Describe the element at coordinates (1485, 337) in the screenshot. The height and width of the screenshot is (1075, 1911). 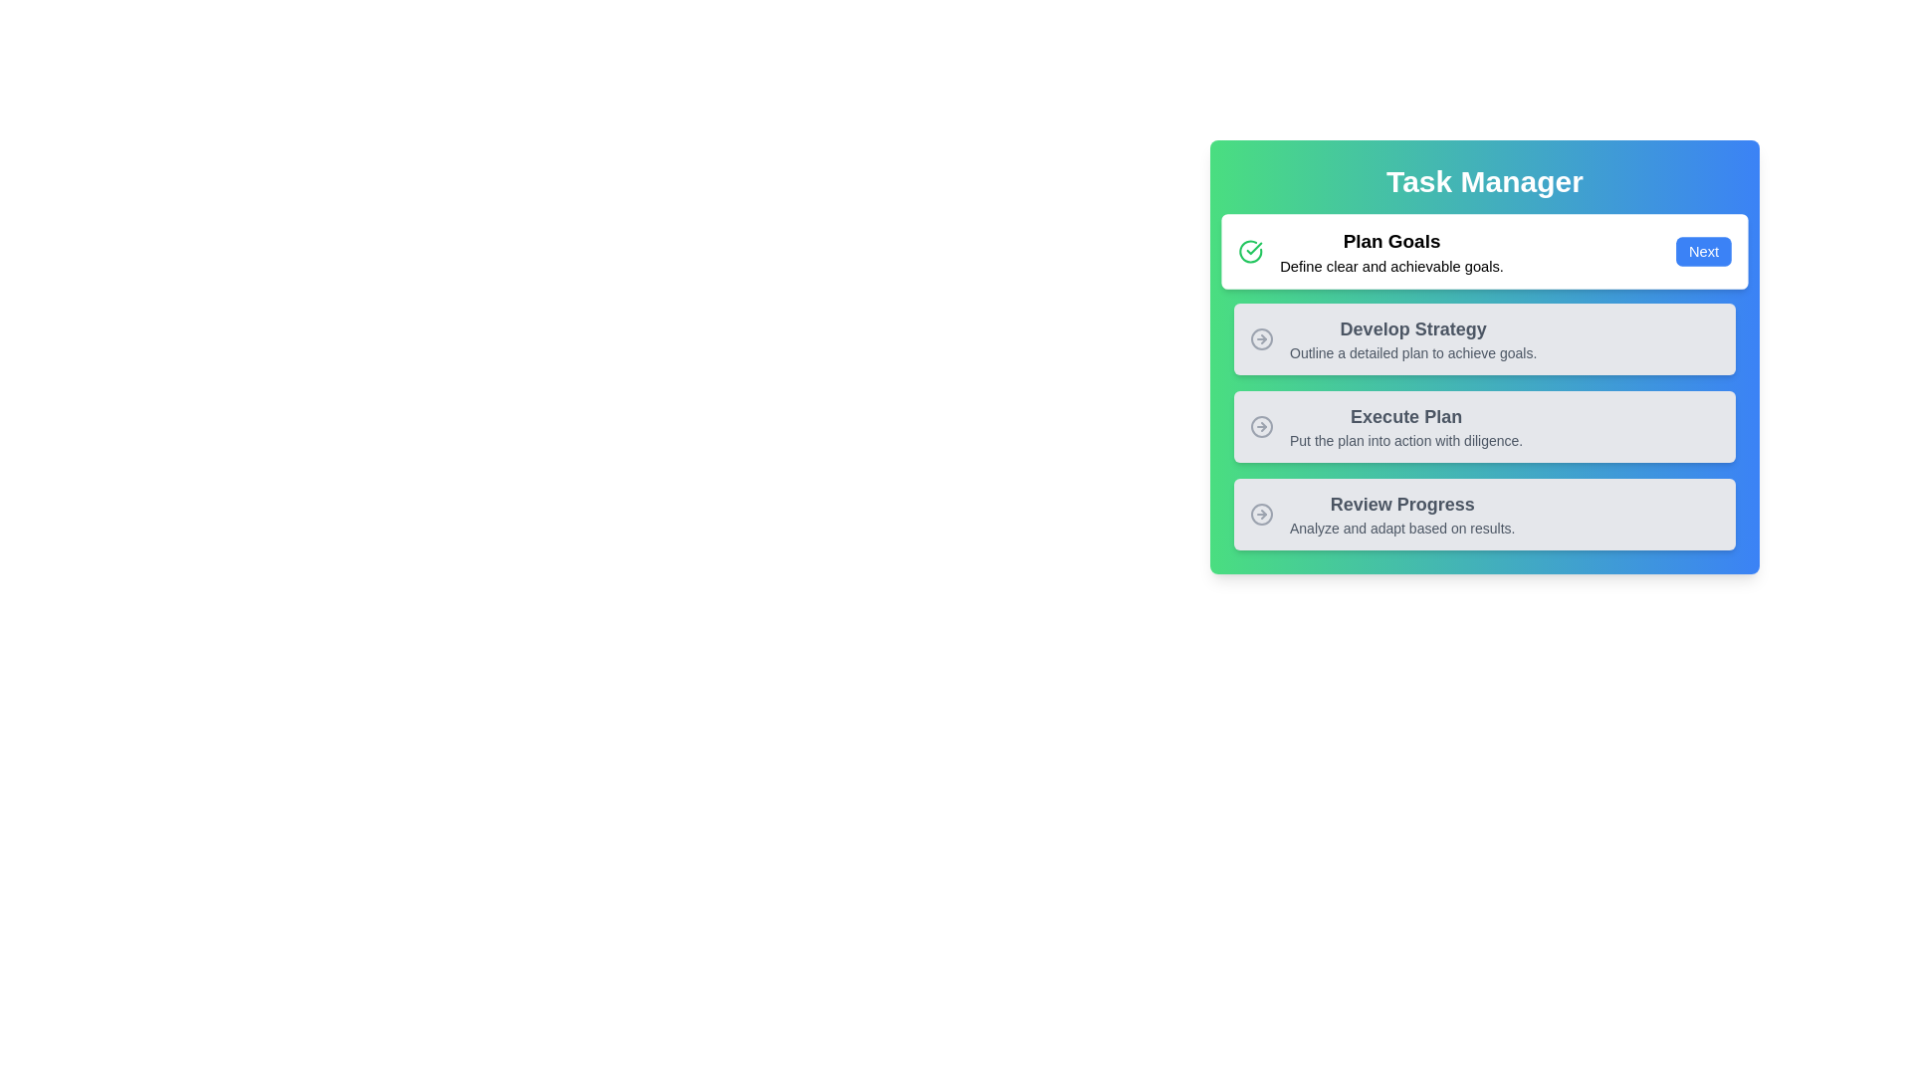
I see `the list item labeled 'Develop Strategy' within the 'Task Manager' panel` at that location.